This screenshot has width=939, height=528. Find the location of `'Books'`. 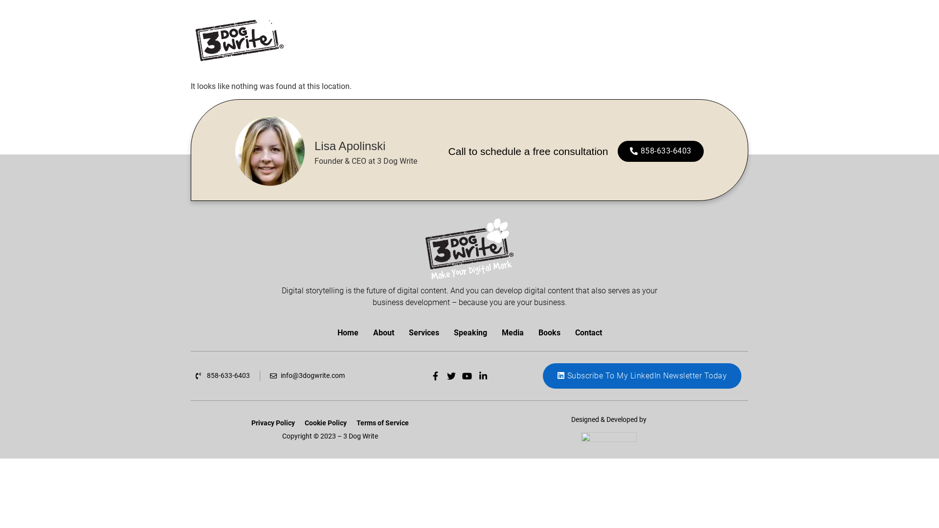

'Books' is located at coordinates (530, 332).